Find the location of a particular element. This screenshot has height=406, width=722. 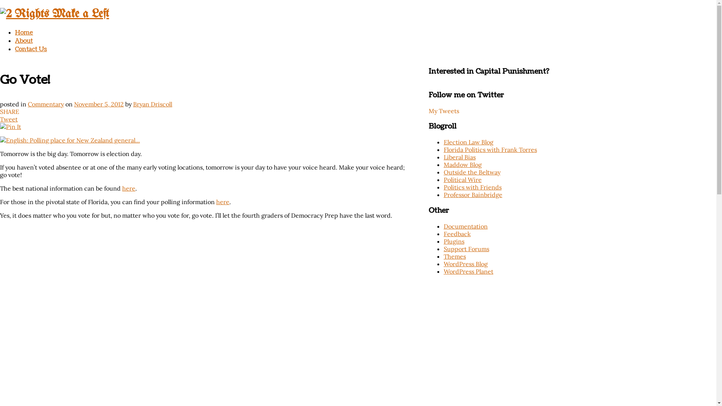

'Liberal Bias' is located at coordinates (444, 156).